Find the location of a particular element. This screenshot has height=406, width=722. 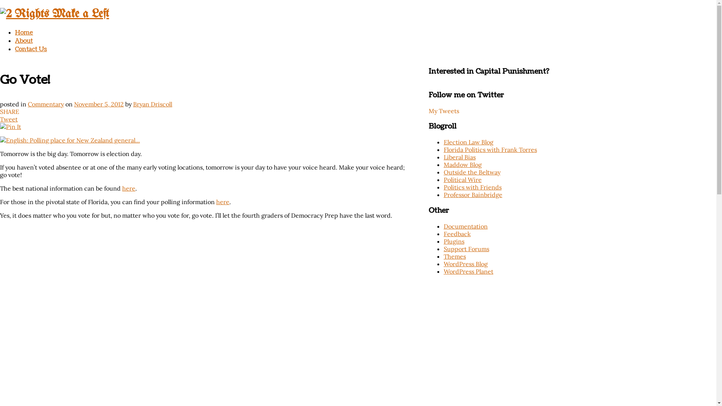

'Liberal Bias' is located at coordinates (444, 156).